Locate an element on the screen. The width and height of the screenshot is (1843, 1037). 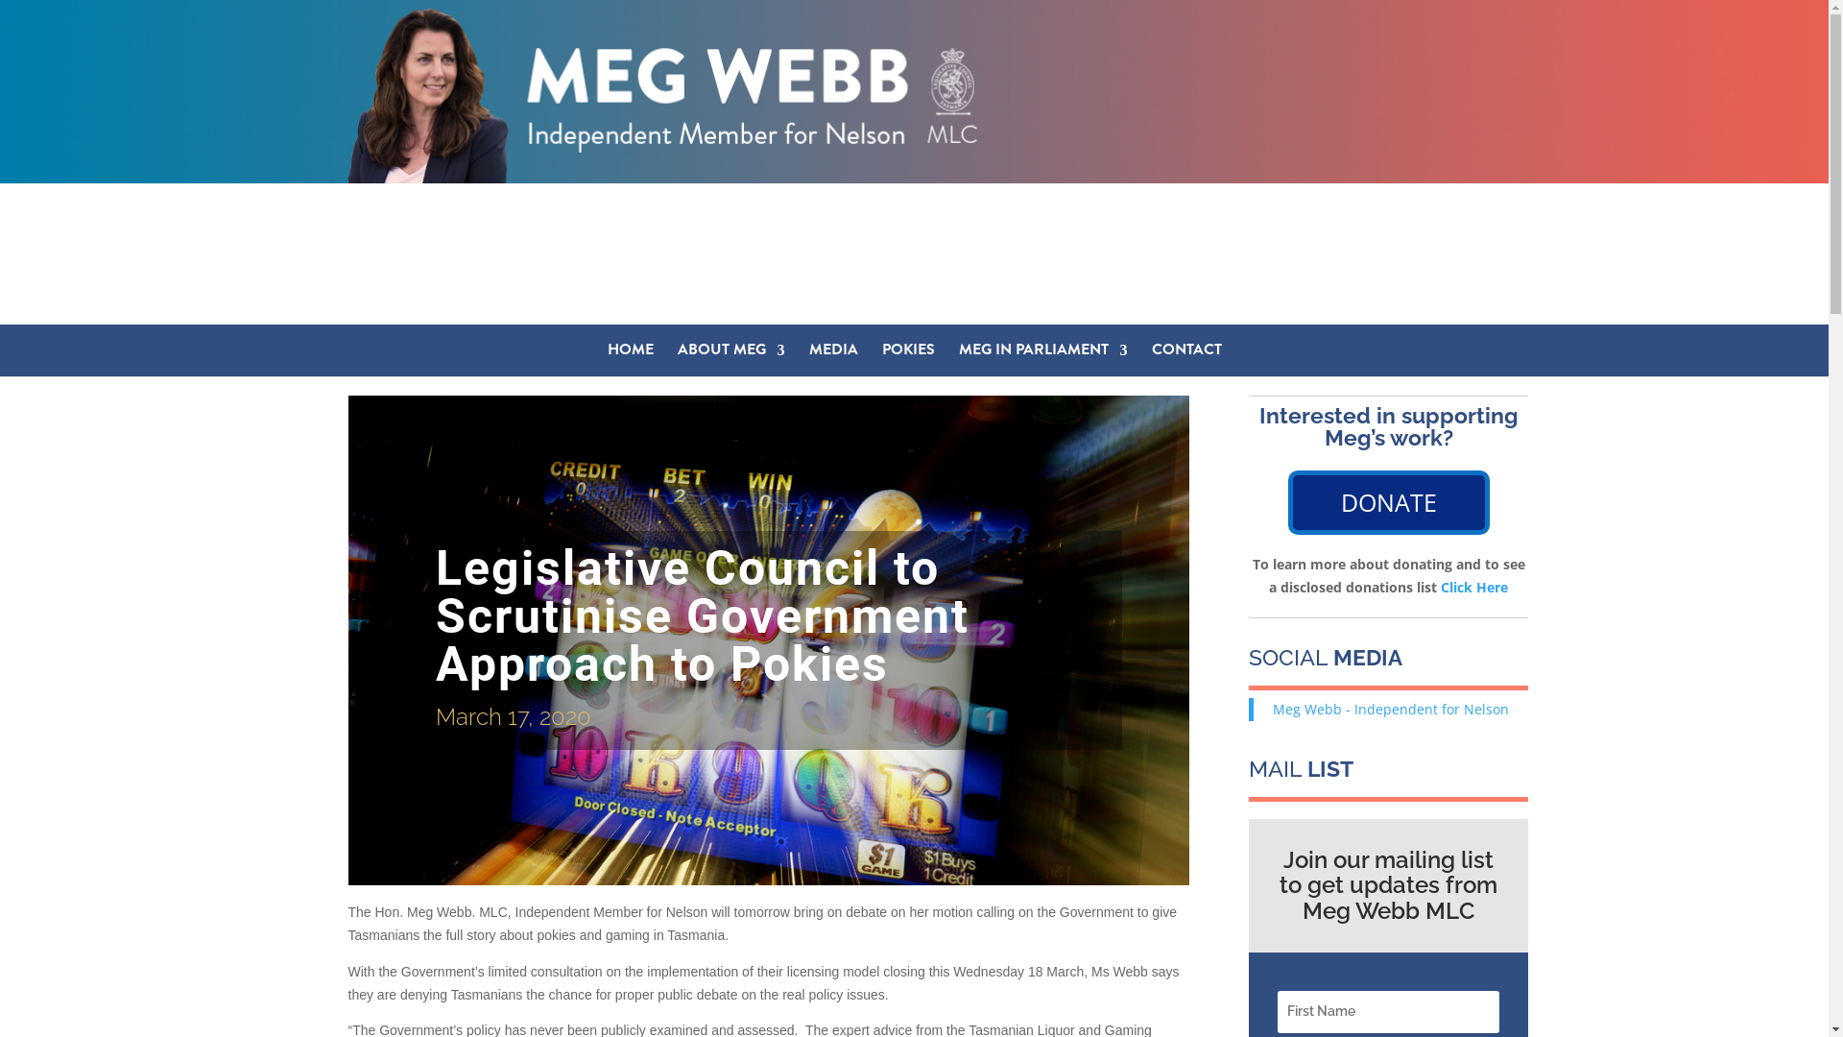
'Meg Webb - Independent for Nelson' is located at coordinates (1391, 709).